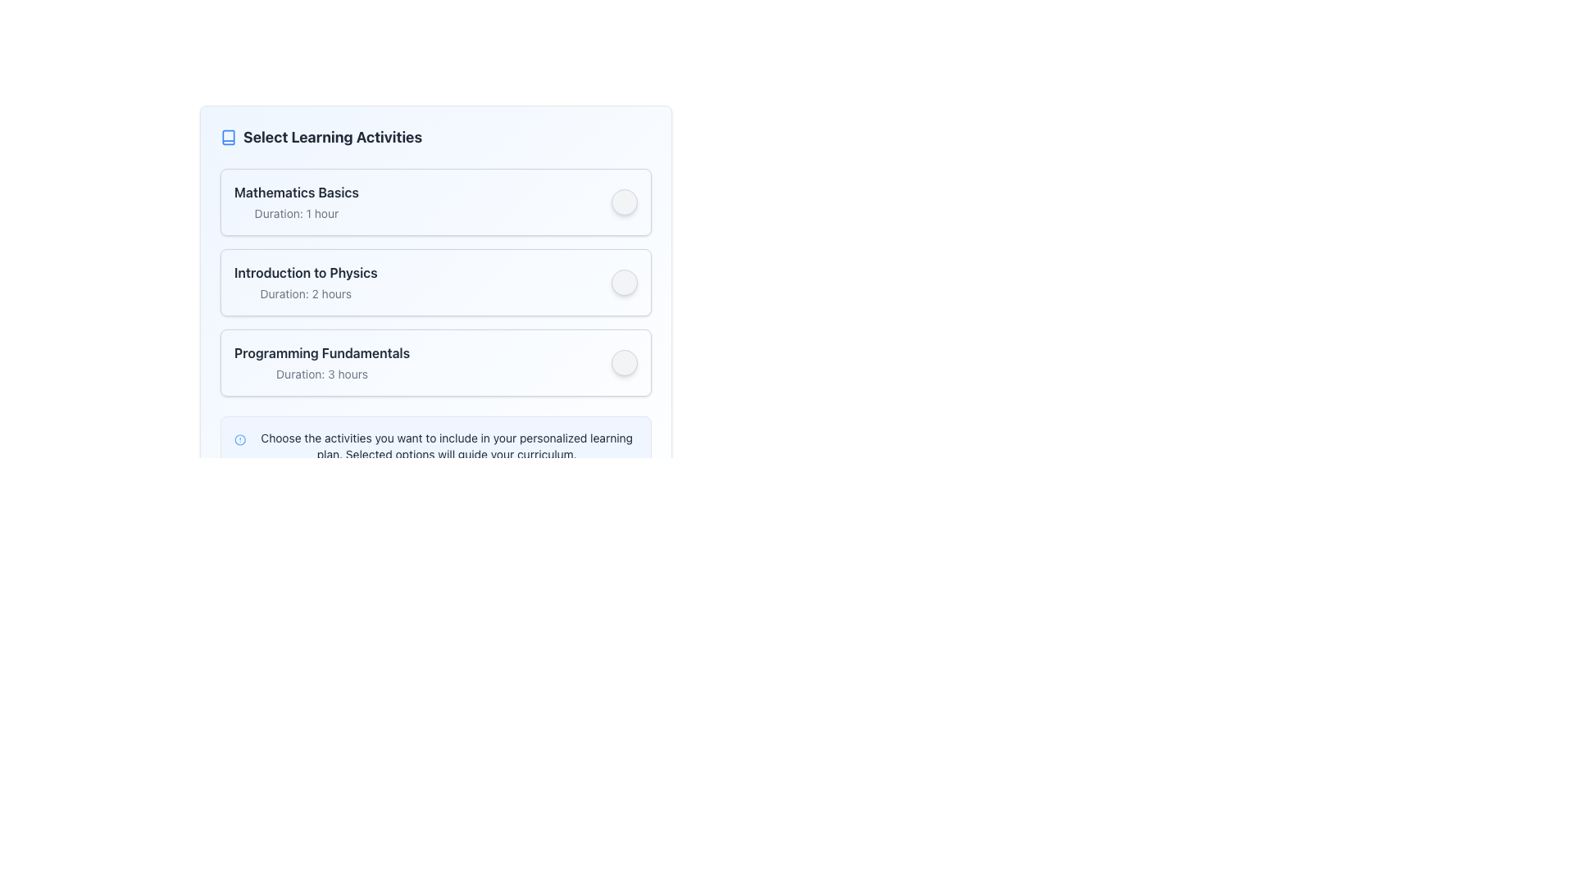  I want to click on the text label displaying 'Programming Fundamentals', which is bold and dark gray, located above 'Duration: 3 hours' in the third list item of the learning modules, so click(322, 352).